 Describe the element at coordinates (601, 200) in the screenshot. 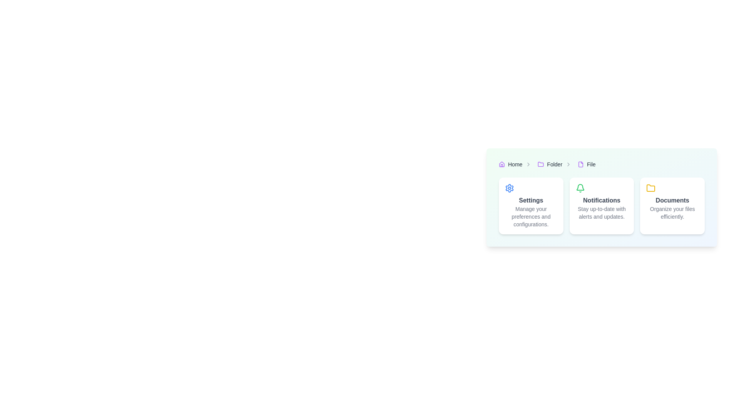

I see `the Text Label that serves as the title for the notifications section, located in the middle card of a three-card layout, positioned beneath a green bell icon and above descriptive subtext` at that location.